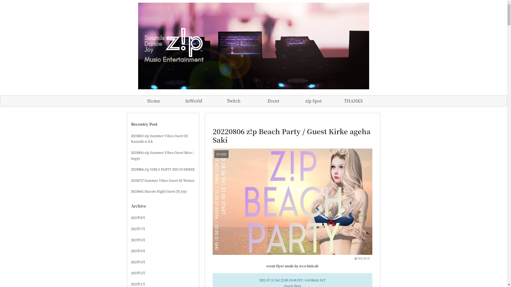  What do you see at coordinates (353, 101) in the screenshot?
I see `'THANKS'` at bounding box center [353, 101].